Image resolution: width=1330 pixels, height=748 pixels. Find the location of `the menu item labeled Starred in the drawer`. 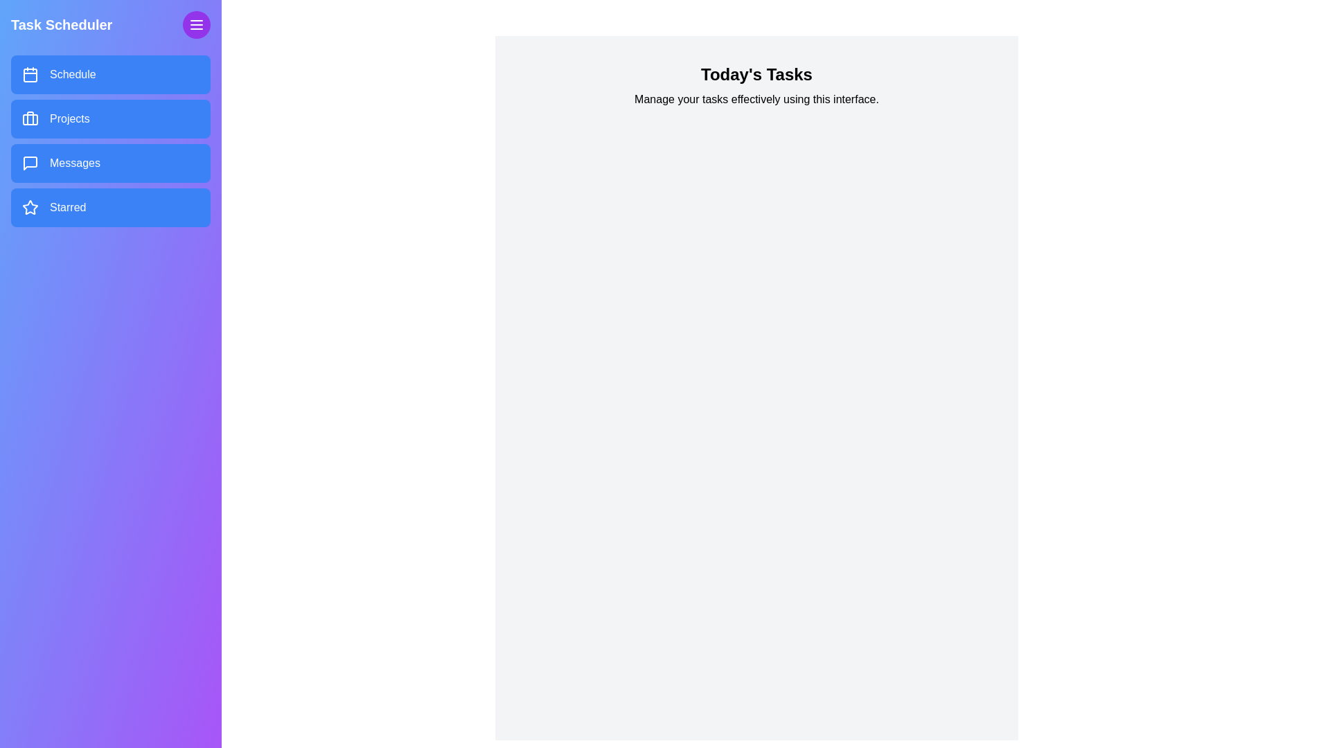

the menu item labeled Starred in the drawer is located at coordinates (109, 208).